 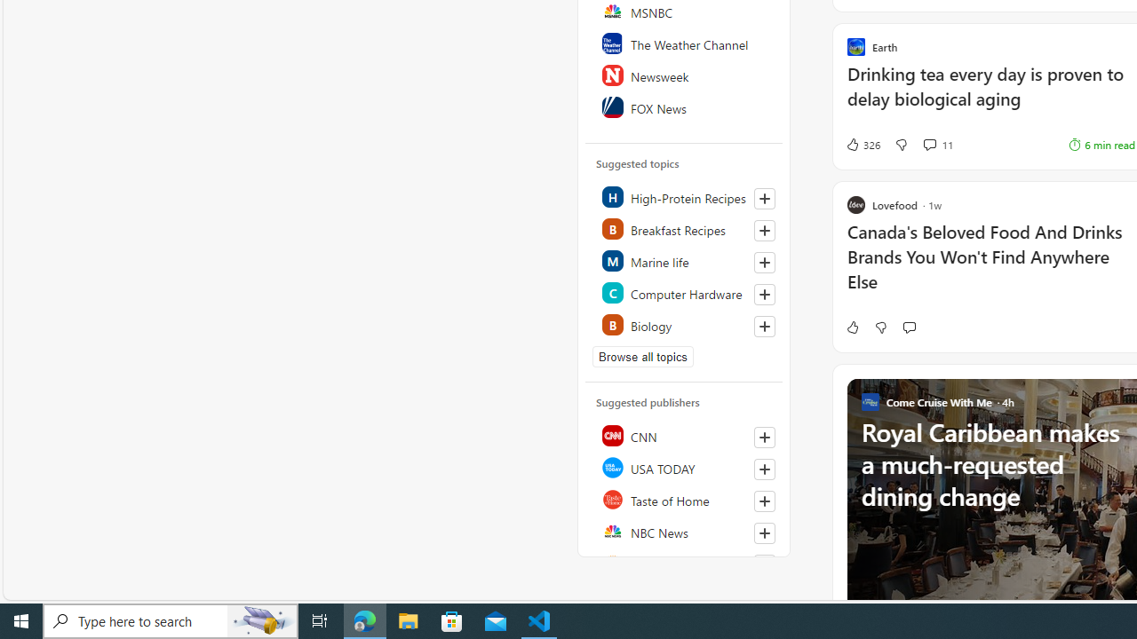 I want to click on 'Drinking tea every day is proven to delay biological aging', so click(x=990, y=96).